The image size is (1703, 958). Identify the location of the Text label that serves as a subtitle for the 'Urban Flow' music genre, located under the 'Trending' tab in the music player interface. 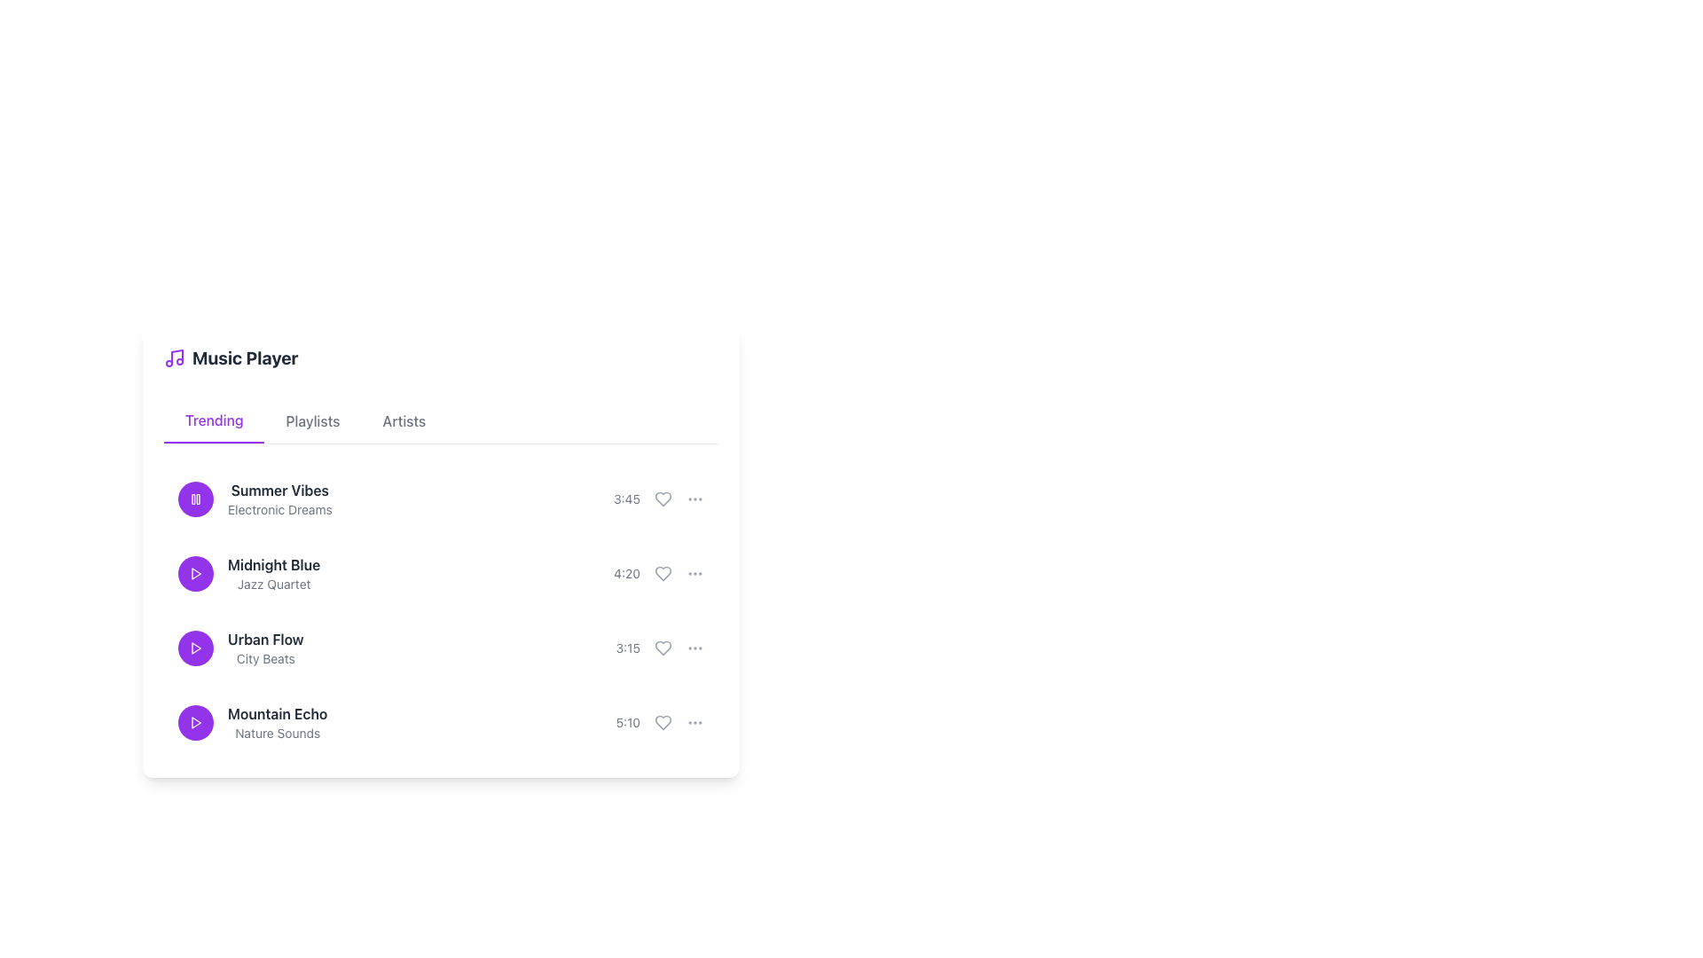
(264, 659).